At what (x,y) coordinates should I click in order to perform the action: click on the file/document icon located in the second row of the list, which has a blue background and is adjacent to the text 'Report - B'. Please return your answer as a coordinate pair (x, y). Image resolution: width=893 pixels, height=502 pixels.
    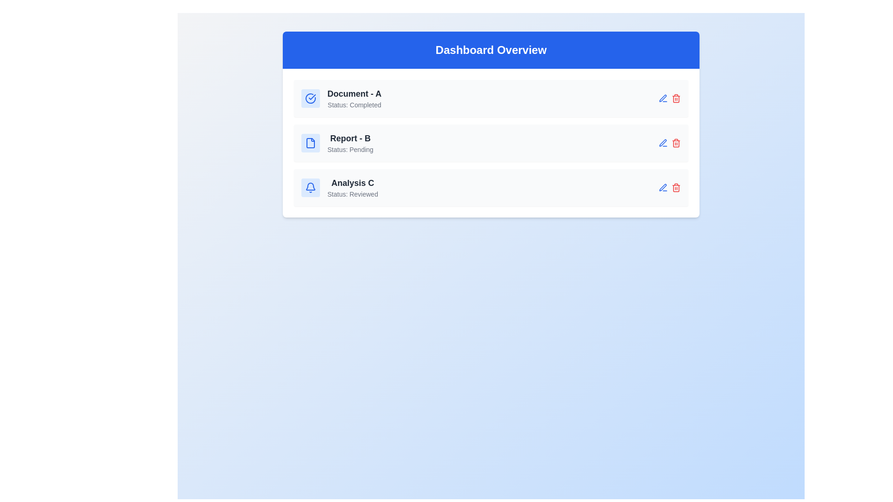
    Looking at the image, I should click on (310, 143).